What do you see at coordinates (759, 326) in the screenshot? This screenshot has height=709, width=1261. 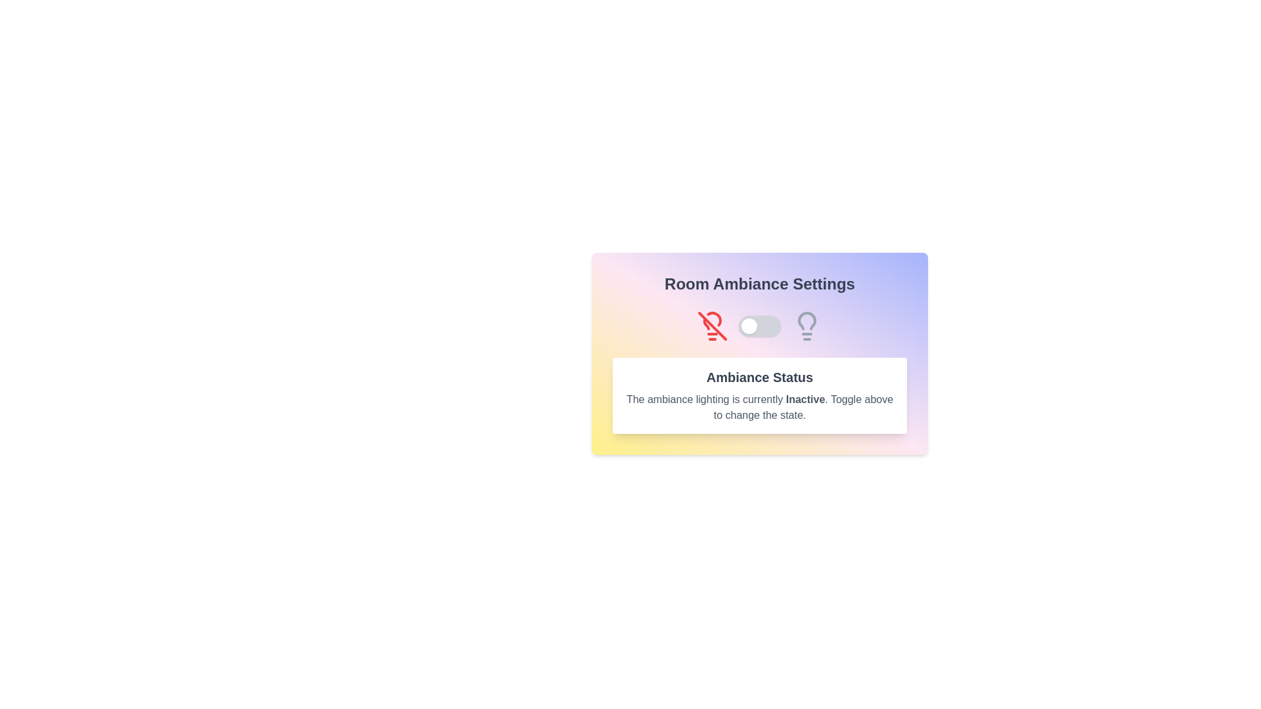 I see `the knob of the toggle switch located in the middle row of the 'Room Ambiance Settings' card layout` at bounding box center [759, 326].